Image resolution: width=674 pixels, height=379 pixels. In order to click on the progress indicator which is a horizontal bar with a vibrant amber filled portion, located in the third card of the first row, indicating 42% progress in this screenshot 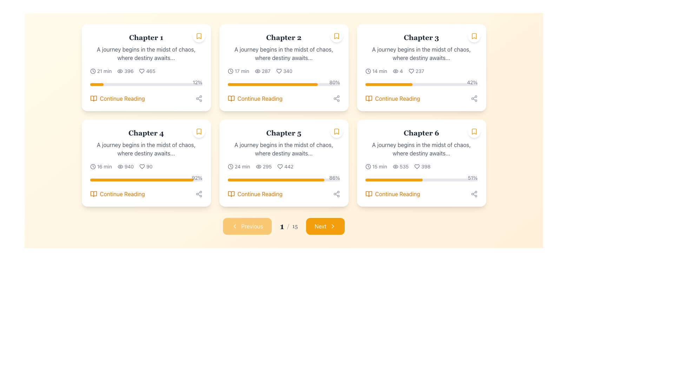, I will do `click(388, 84)`.